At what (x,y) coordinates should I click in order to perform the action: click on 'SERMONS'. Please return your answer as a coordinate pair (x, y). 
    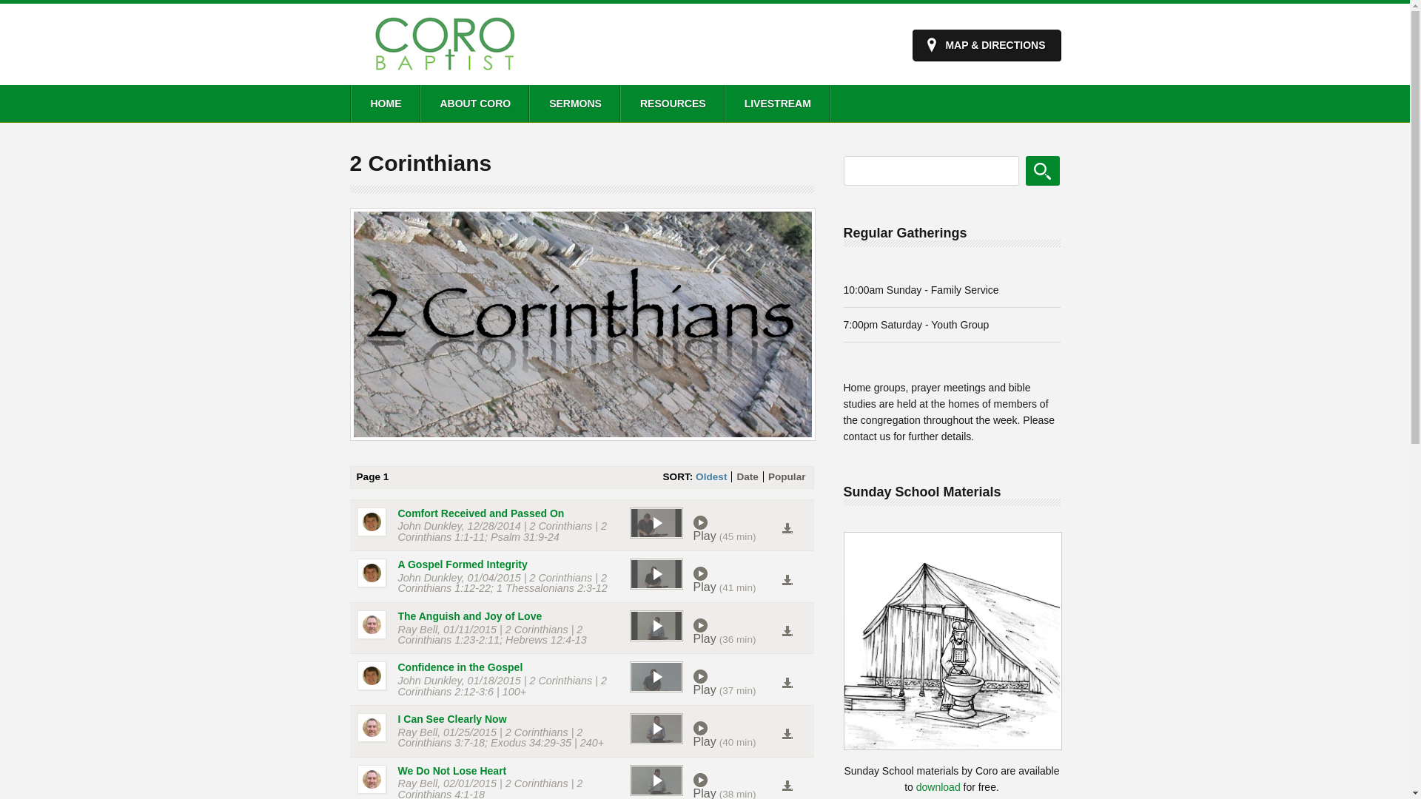
    Looking at the image, I should click on (574, 102).